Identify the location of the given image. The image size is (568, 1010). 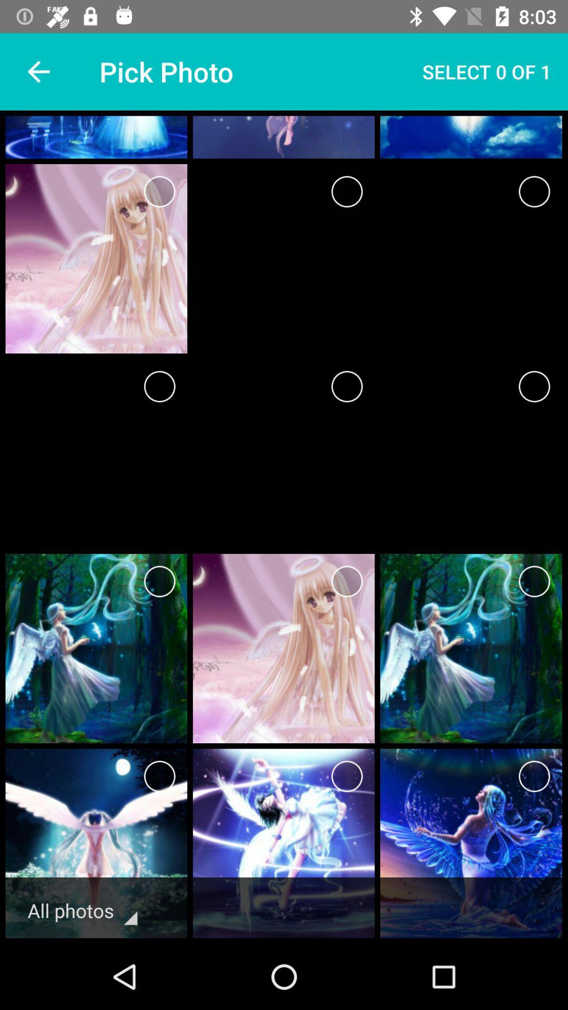
(534, 776).